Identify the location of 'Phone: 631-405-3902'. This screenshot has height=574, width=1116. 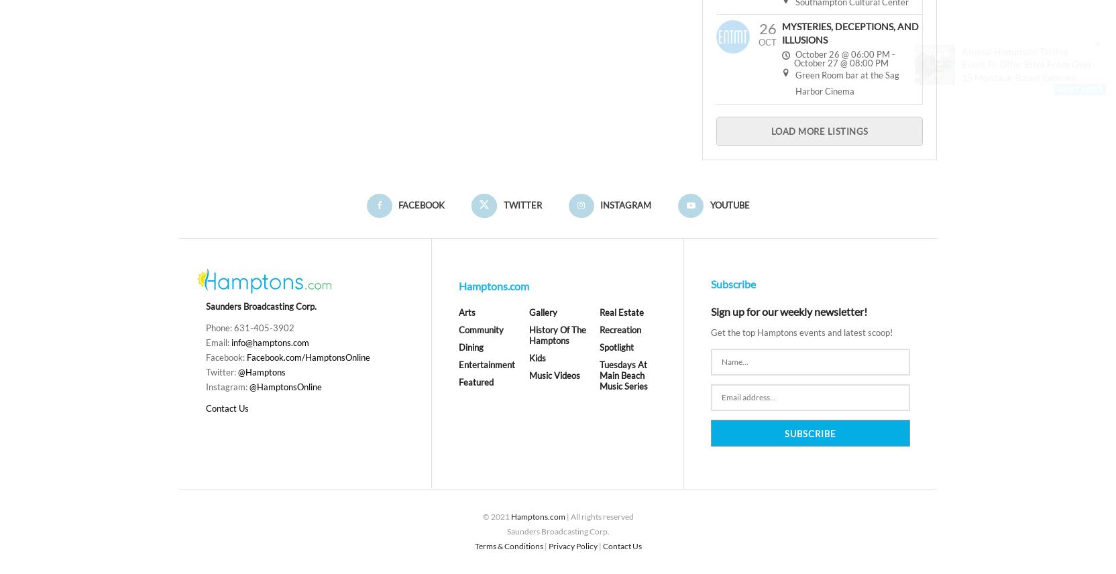
(205, 327).